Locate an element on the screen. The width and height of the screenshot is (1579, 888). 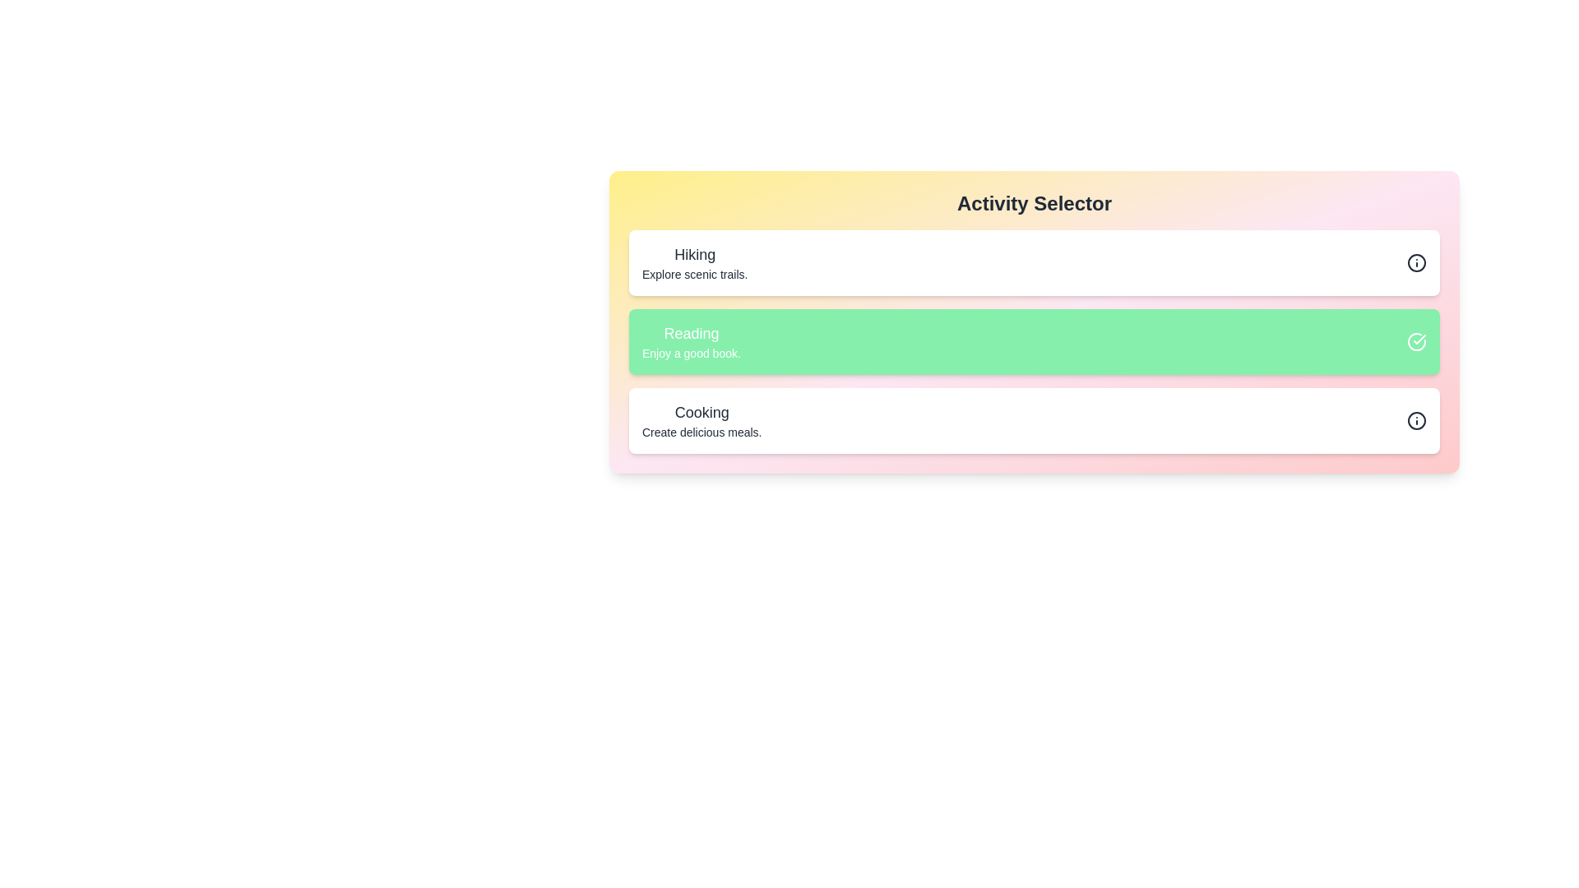
the list item corresponding to Cooking is located at coordinates (1033, 420).